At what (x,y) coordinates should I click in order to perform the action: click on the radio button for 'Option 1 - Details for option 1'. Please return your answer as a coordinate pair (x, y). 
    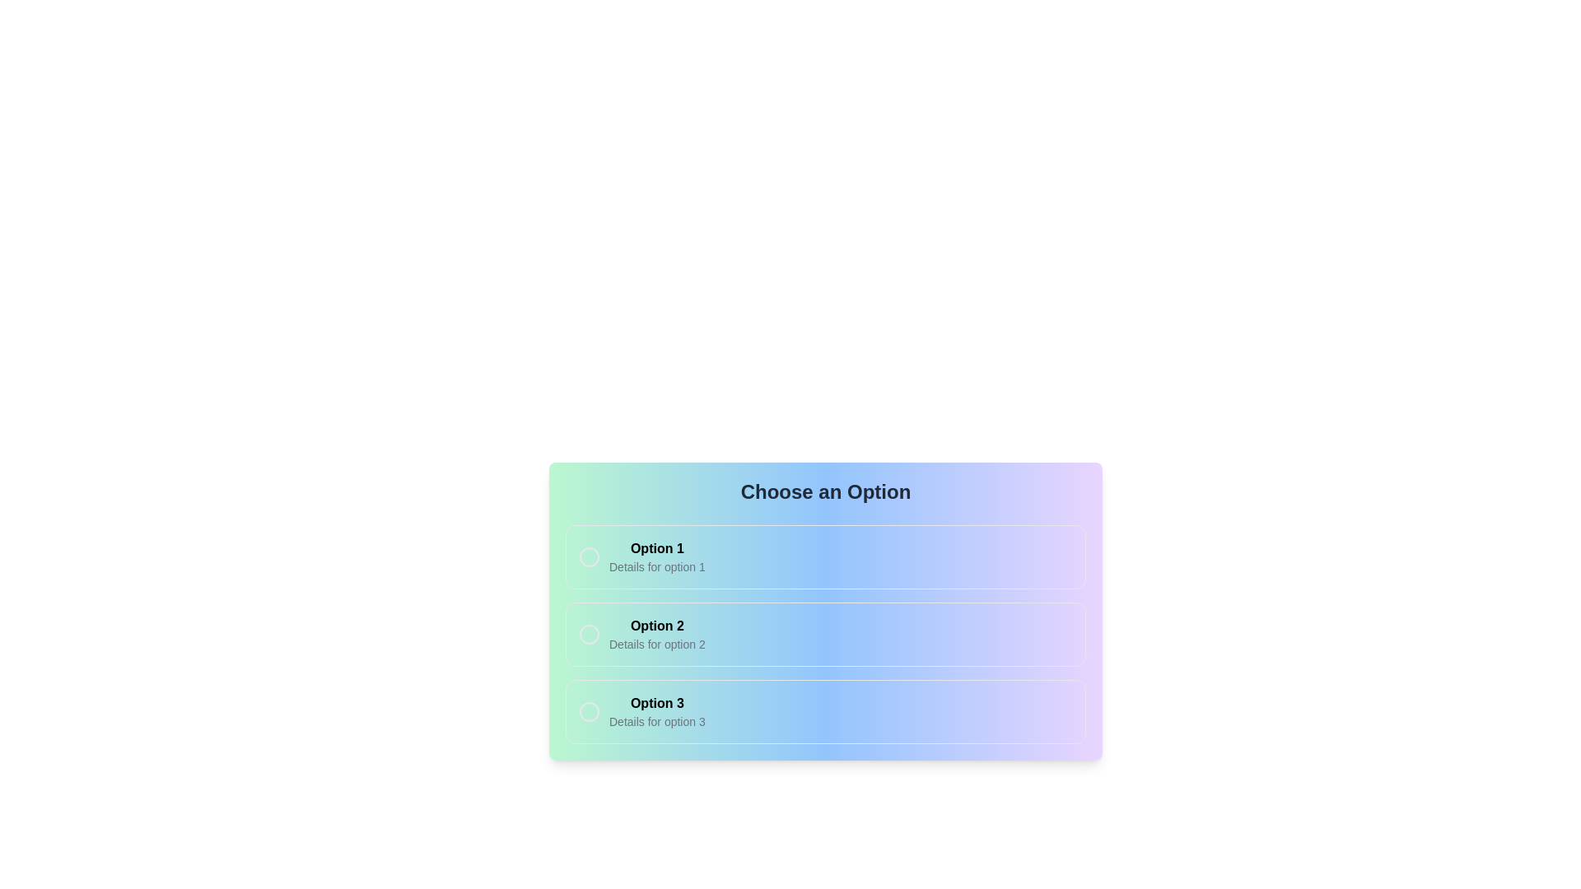
    Looking at the image, I should click on (589, 556).